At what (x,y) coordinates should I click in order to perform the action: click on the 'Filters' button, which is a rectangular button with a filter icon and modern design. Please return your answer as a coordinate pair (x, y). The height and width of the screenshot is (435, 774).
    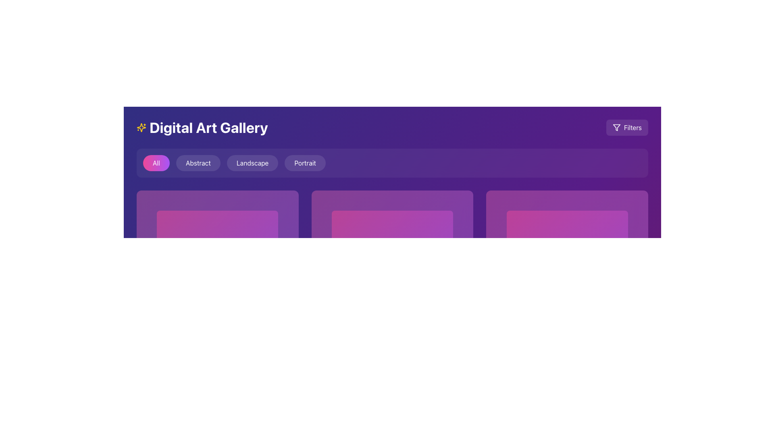
    Looking at the image, I should click on (626, 127).